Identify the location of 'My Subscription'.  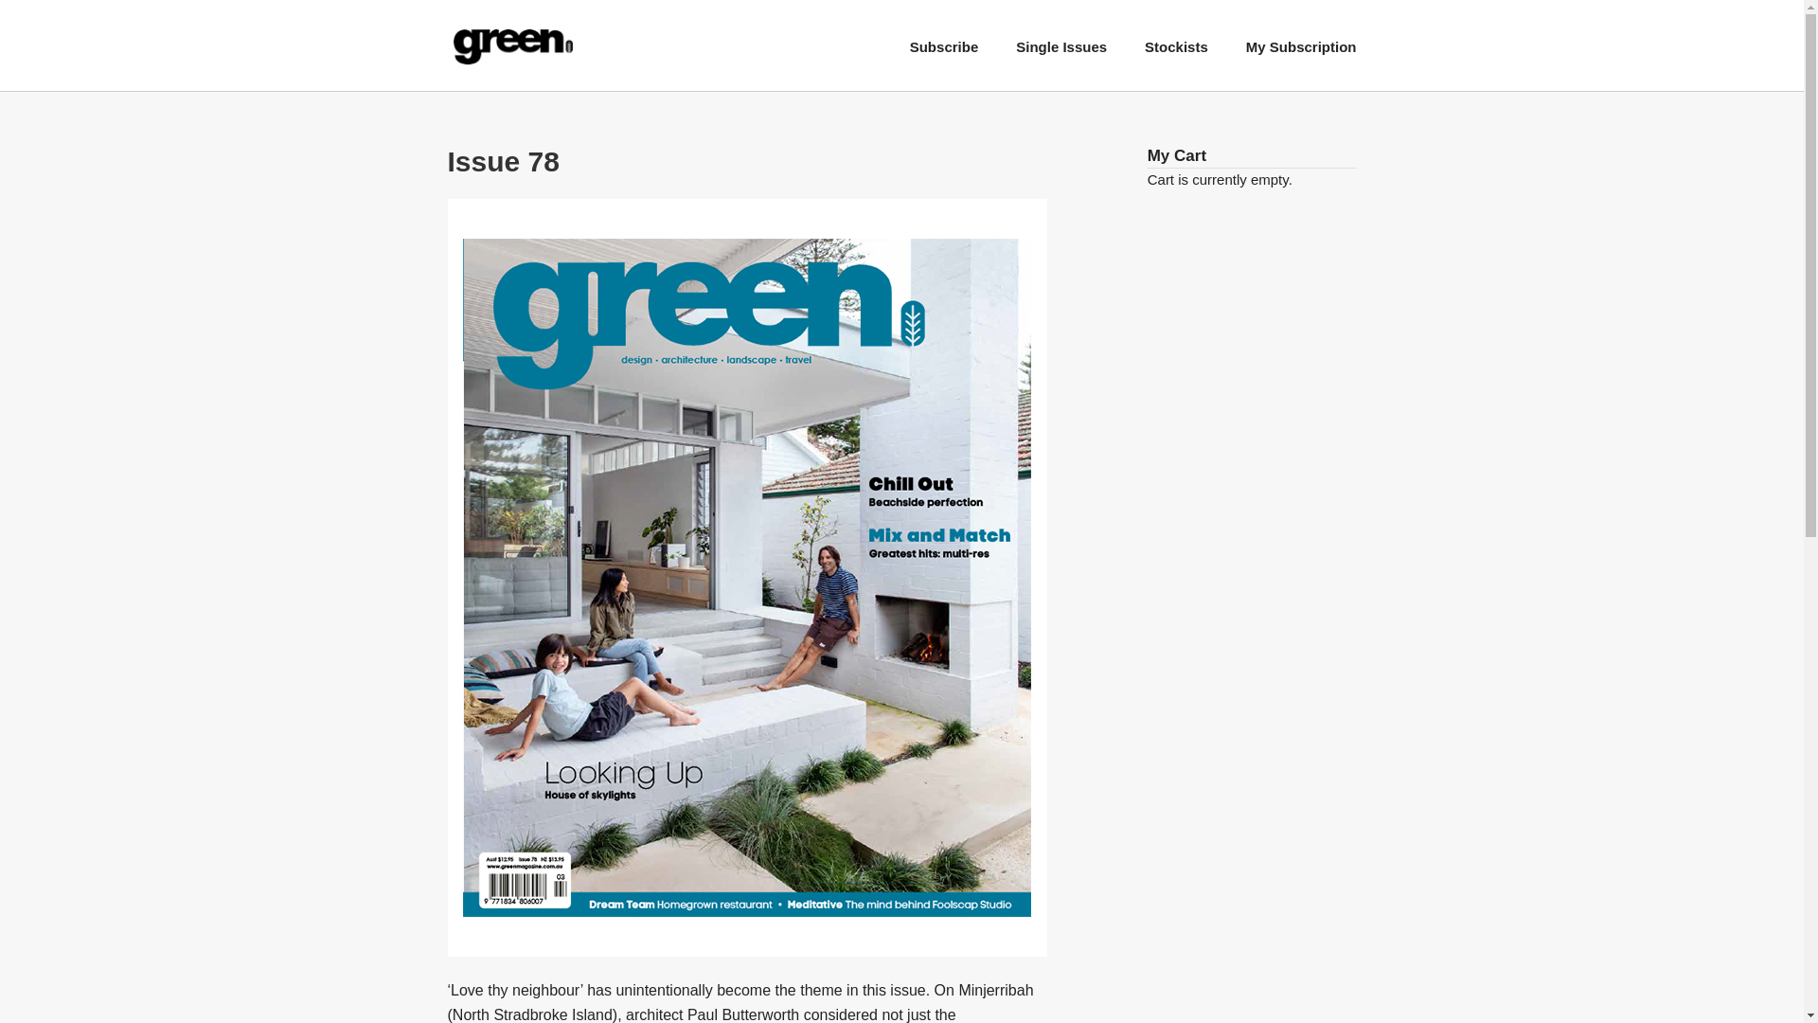
(1245, 45).